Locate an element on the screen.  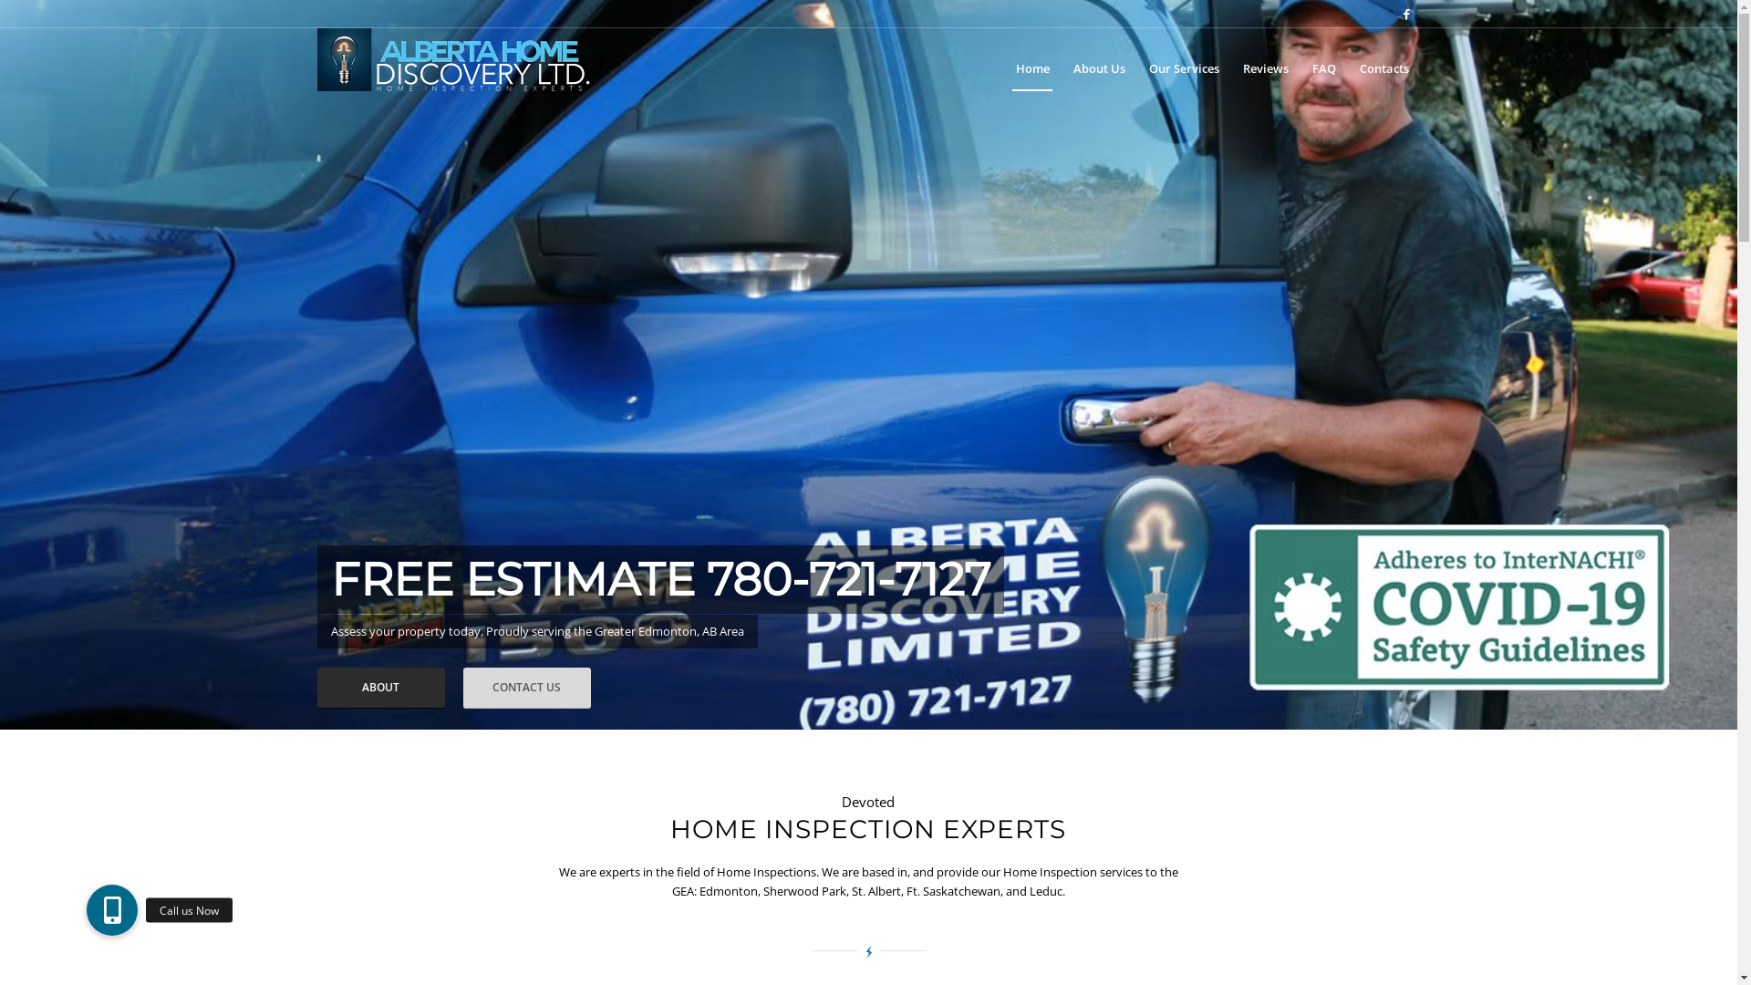
'ABOUT' is located at coordinates (316, 688).